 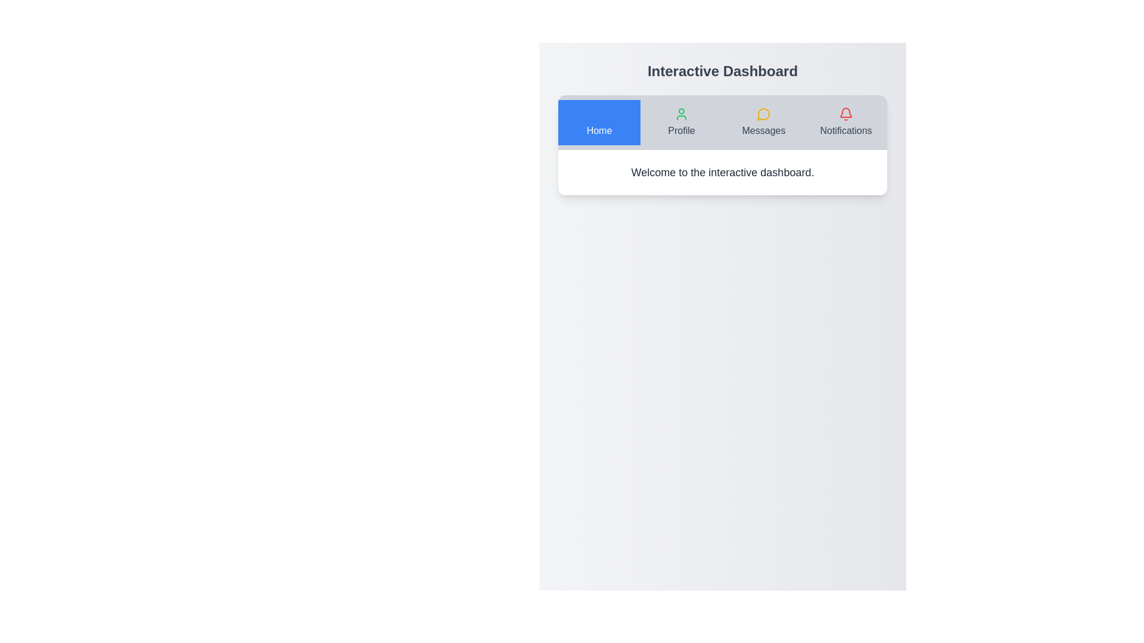 I want to click on the yellow speech bubble icon located in the navigation bar, which is the third slot from the left and directly above the 'Messages' label, so click(x=763, y=114).